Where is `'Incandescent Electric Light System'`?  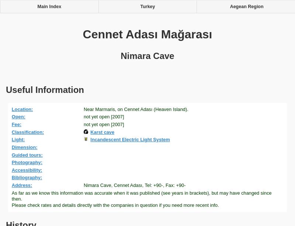 'Incandescent Electric Light System' is located at coordinates (130, 139).